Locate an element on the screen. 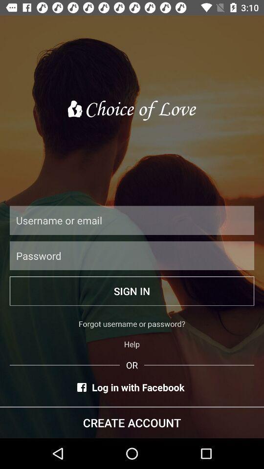  forgot username or is located at coordinates (132, 323).